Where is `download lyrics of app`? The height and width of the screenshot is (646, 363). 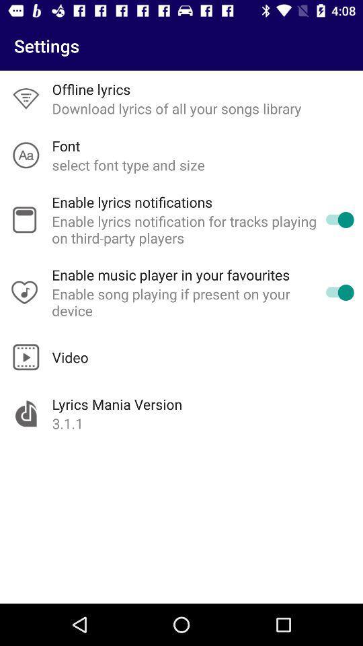 download lyrics of app is located at coordinates (177, 108).